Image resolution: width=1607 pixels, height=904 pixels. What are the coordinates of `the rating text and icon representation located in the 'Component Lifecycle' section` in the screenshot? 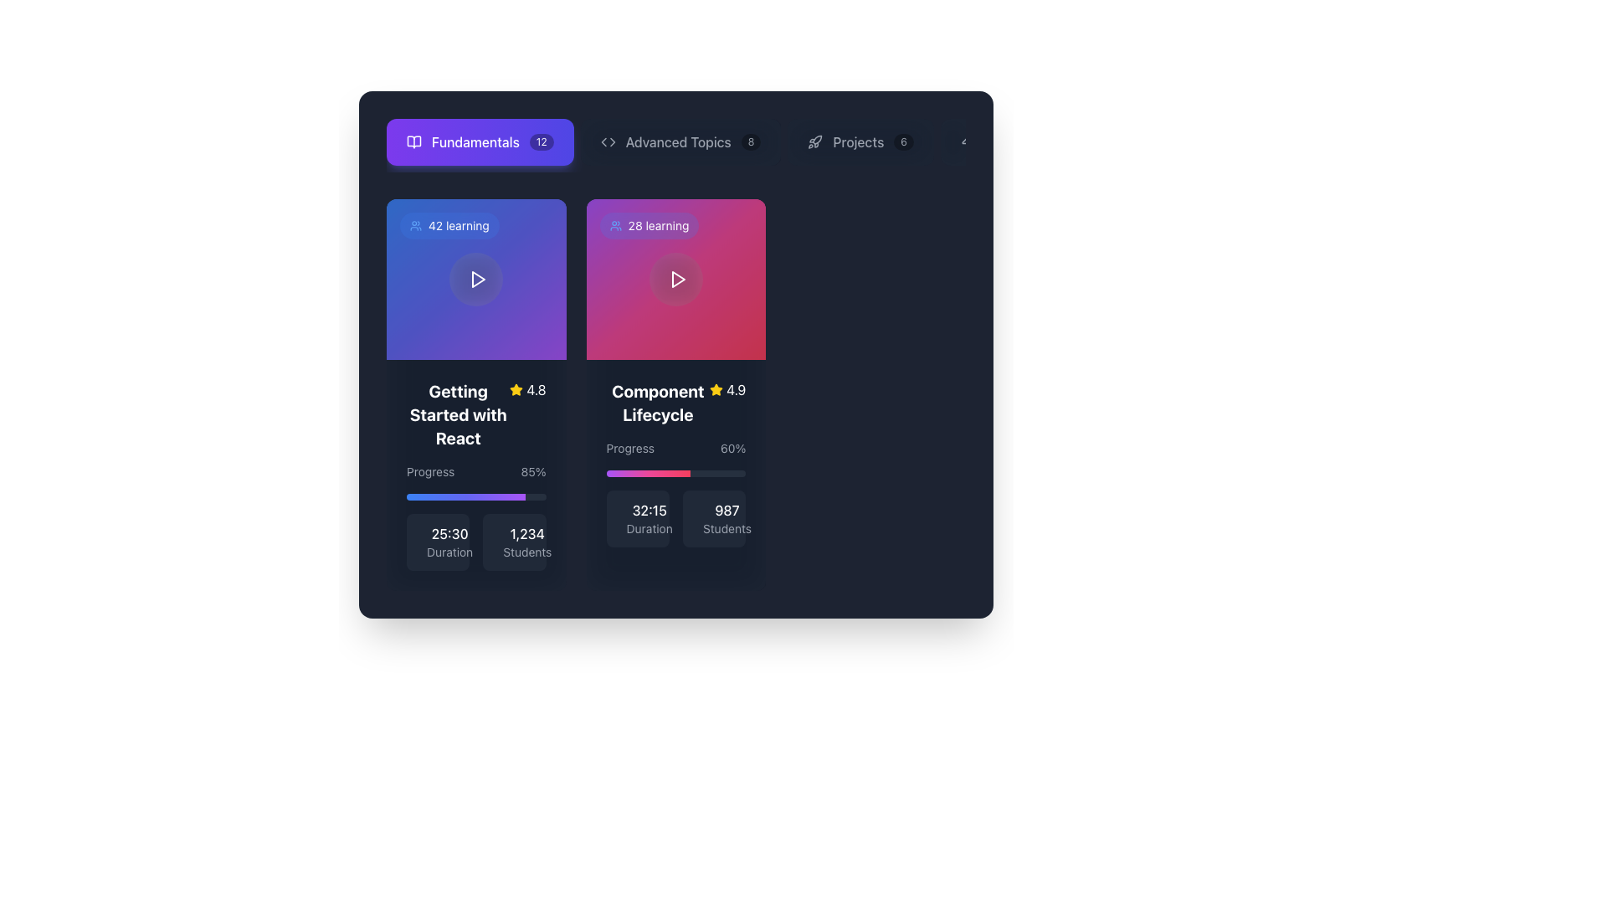 It's located at (727, 390).